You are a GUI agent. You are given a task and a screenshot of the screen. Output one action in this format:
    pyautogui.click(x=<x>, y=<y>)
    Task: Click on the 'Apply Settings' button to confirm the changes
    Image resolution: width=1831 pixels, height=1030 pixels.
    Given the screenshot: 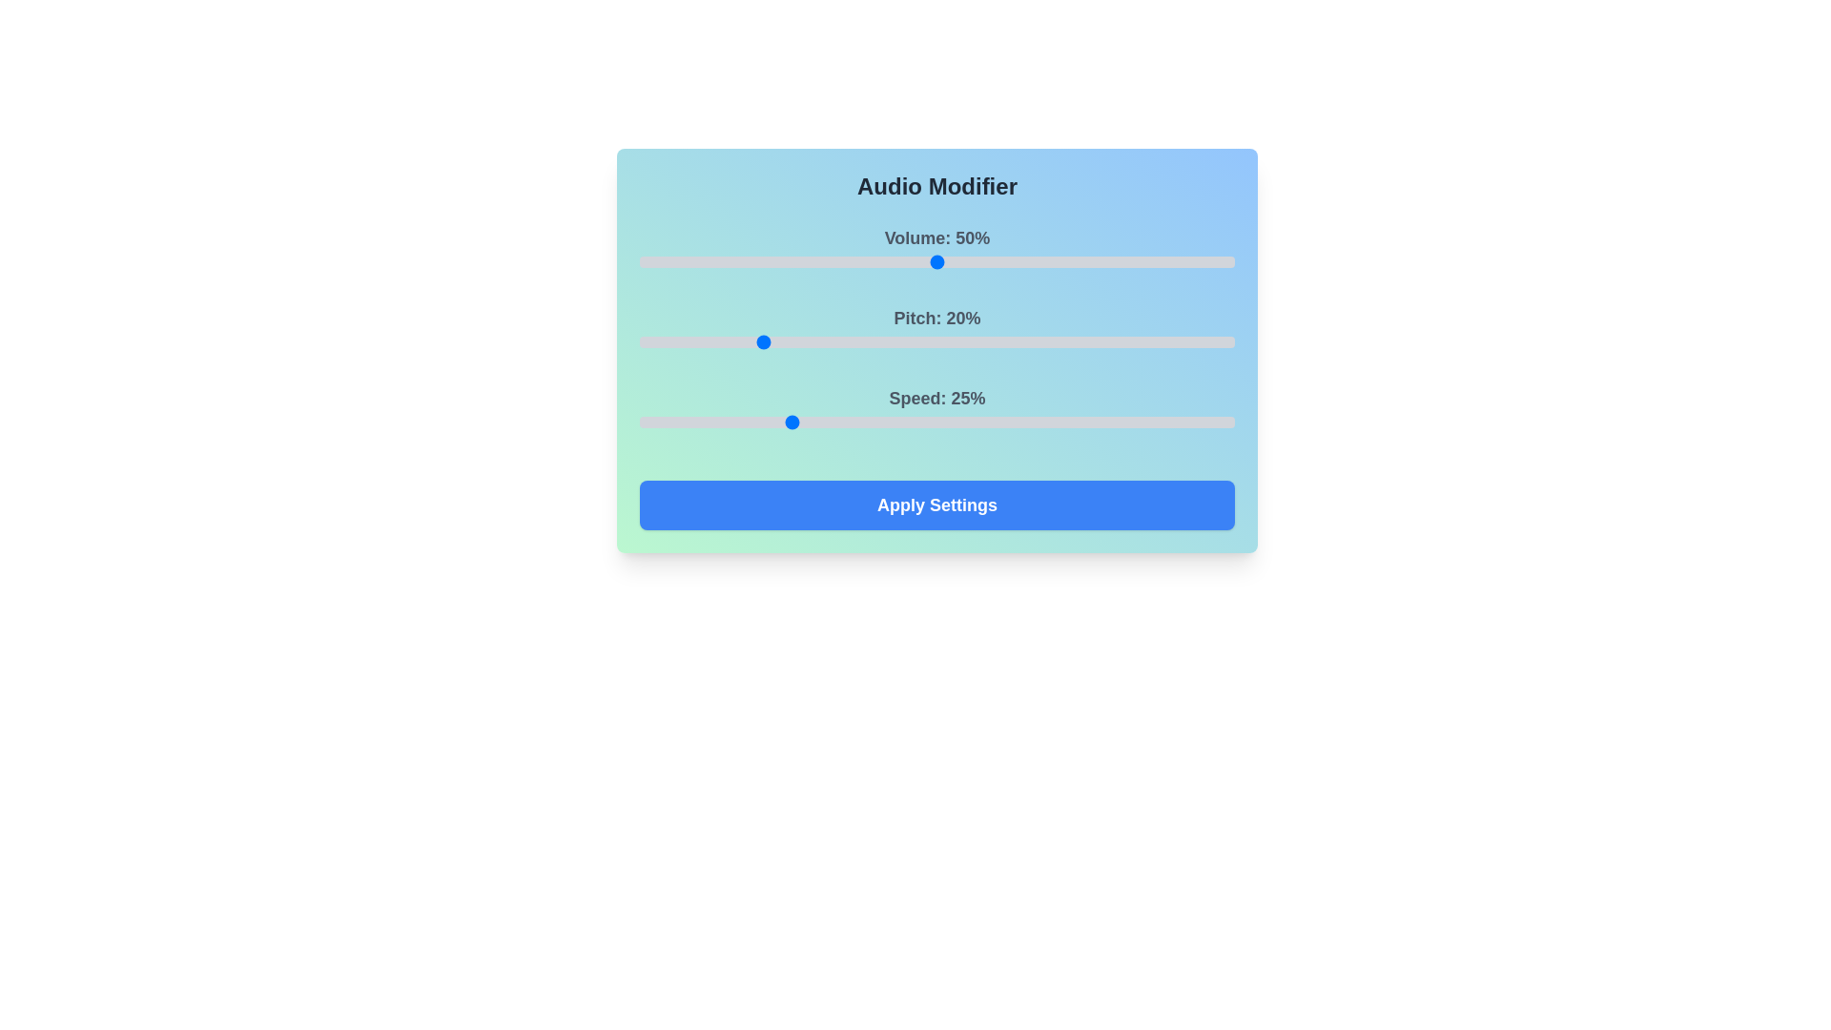 What is the action you would take?
    pyautogui.click(x=937, y=504)
    